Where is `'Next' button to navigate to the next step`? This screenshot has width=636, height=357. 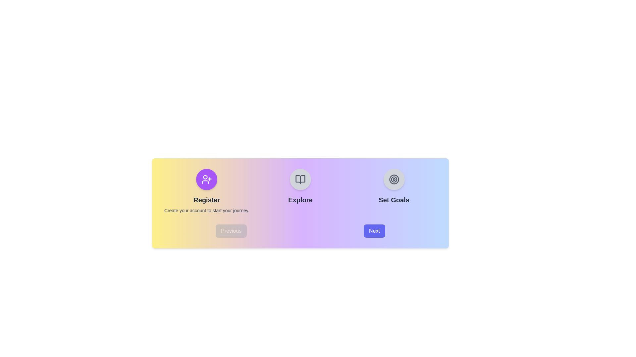
'Next' button to navigate to the next step is located at coordinates (374, 230).